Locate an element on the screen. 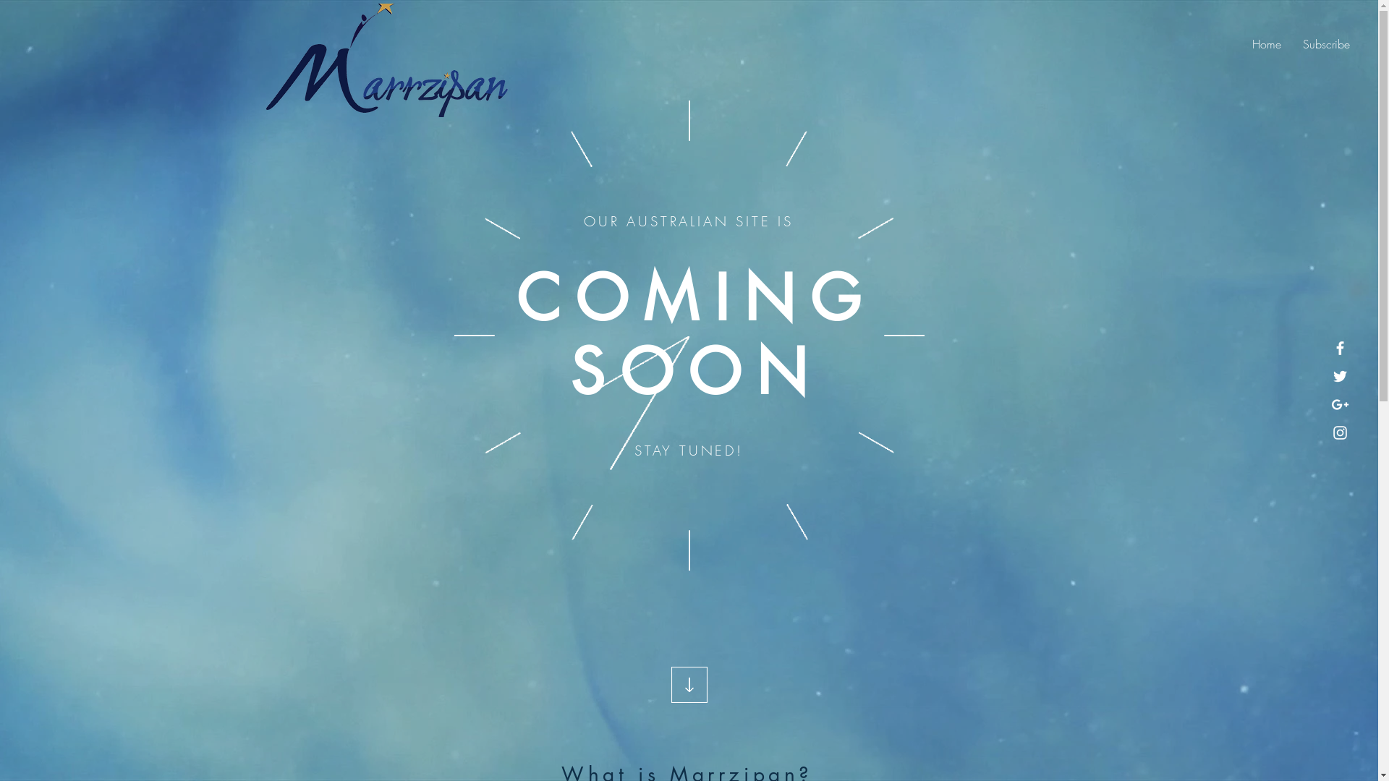 The width and height of the screenshot is (1389, 781). 'Home' is located at coordinates (1266, 43).